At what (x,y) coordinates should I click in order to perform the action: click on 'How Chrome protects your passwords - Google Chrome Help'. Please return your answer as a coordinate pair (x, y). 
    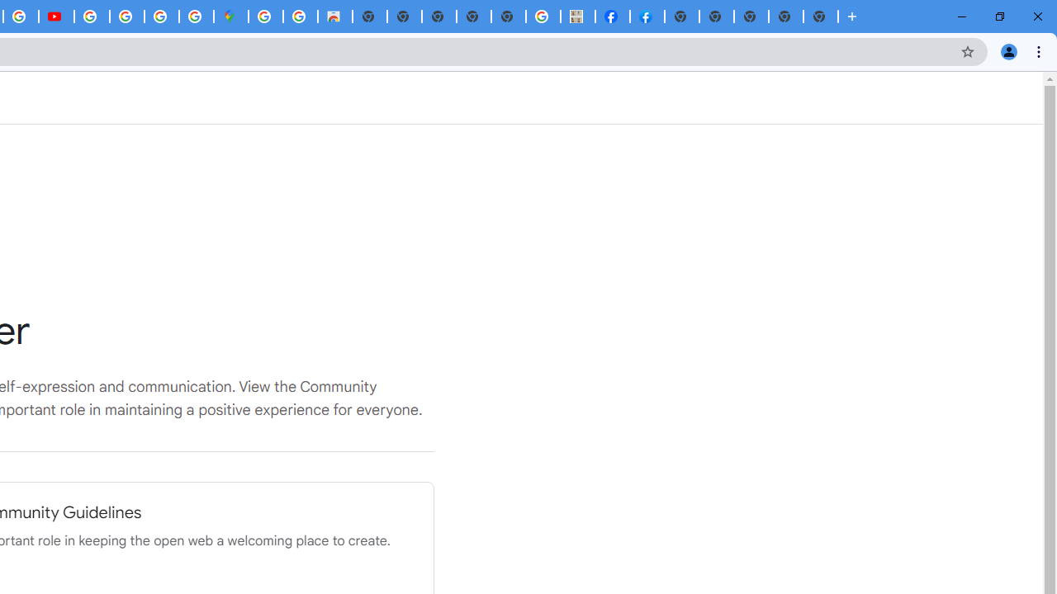
    Looking at the image, I should click on (91, 16).